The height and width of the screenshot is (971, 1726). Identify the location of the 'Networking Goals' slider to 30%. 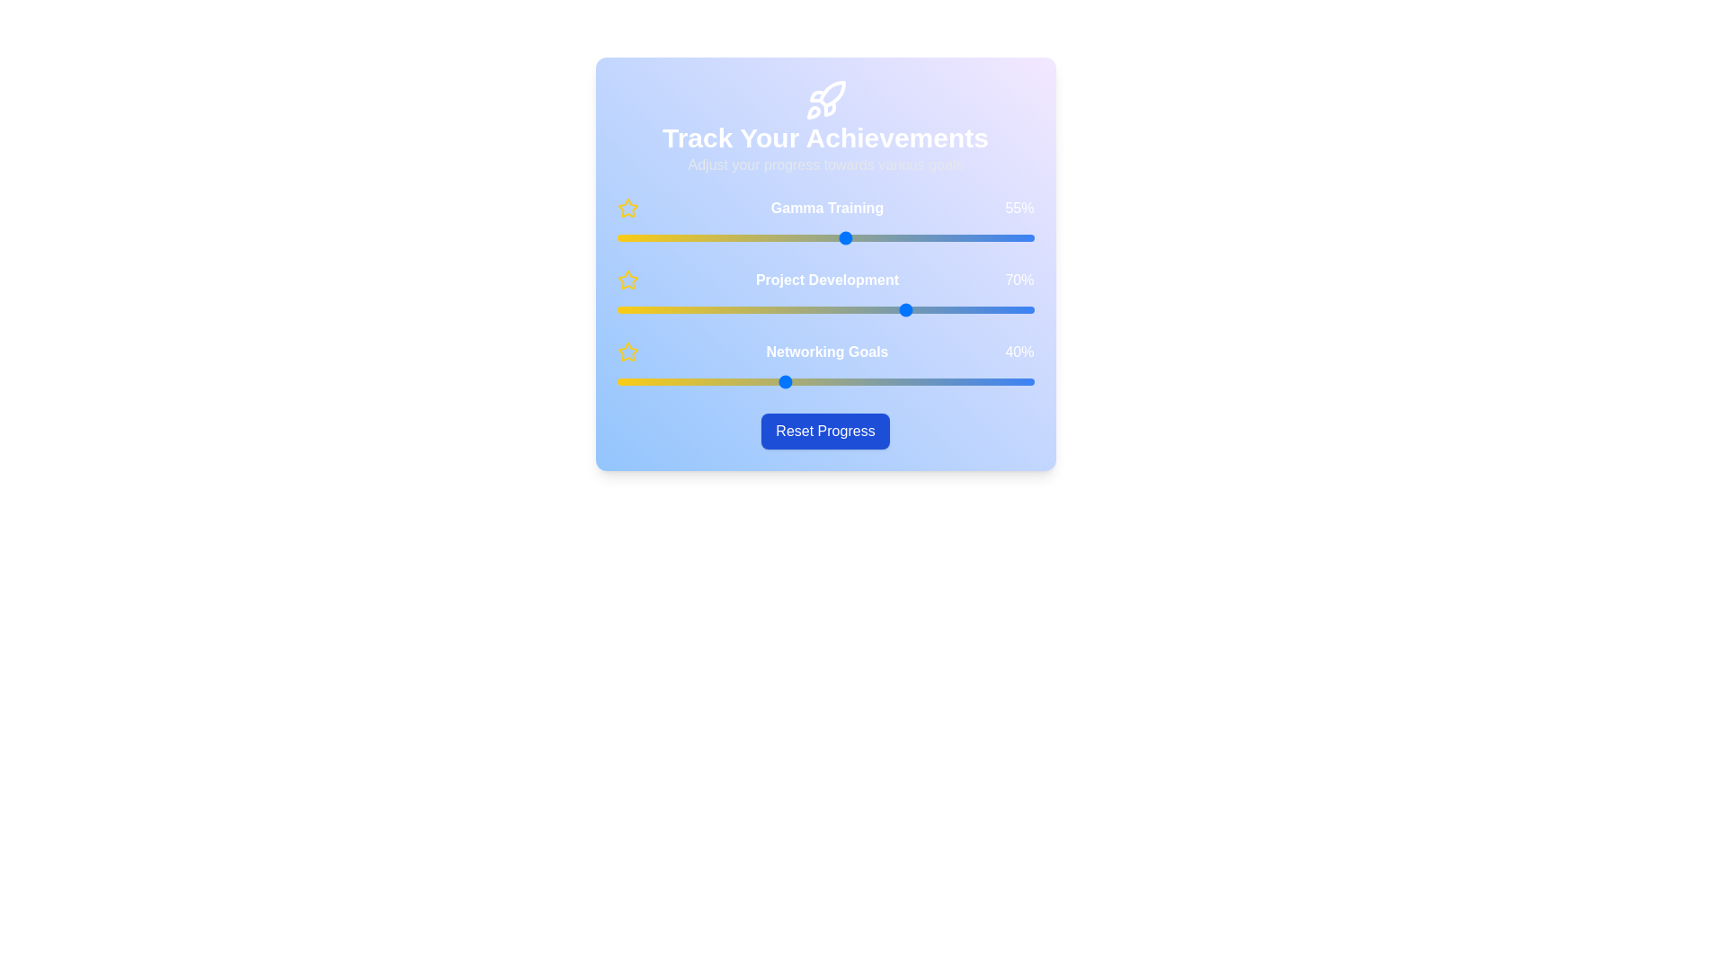
(742, 380).